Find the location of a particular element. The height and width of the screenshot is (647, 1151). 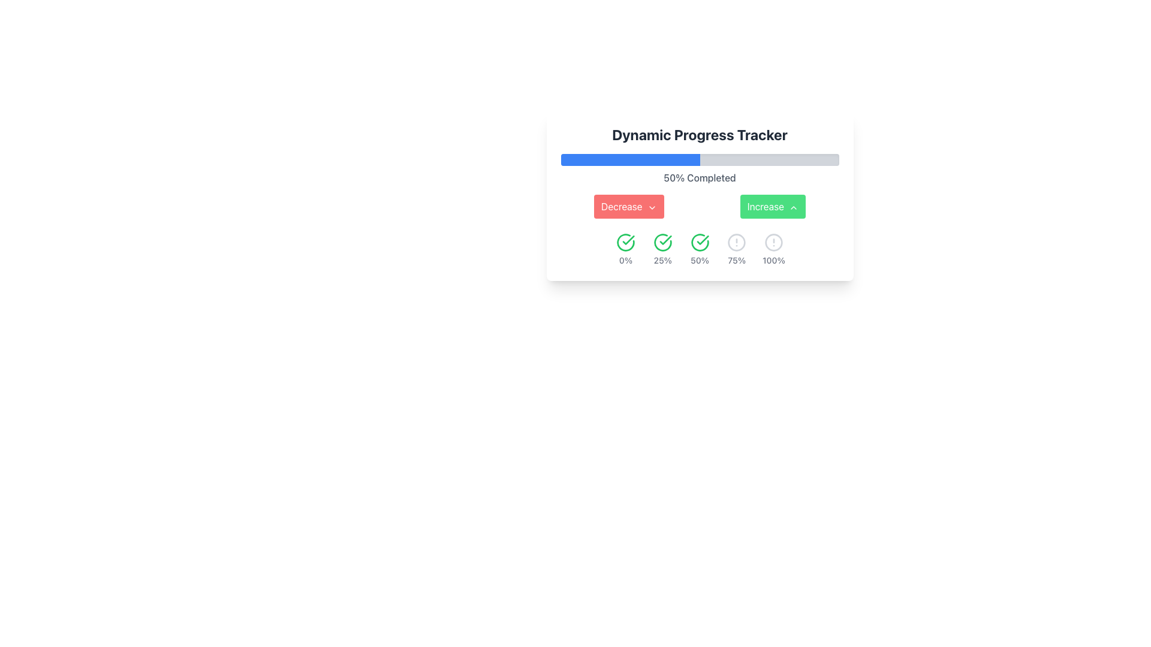

the Horizontal Button Group, which contains a red 'Decrease' button on the left and a green 'Increase' button on the right, located beneath the '50% Completed' text is located at coordinates (700, 205).